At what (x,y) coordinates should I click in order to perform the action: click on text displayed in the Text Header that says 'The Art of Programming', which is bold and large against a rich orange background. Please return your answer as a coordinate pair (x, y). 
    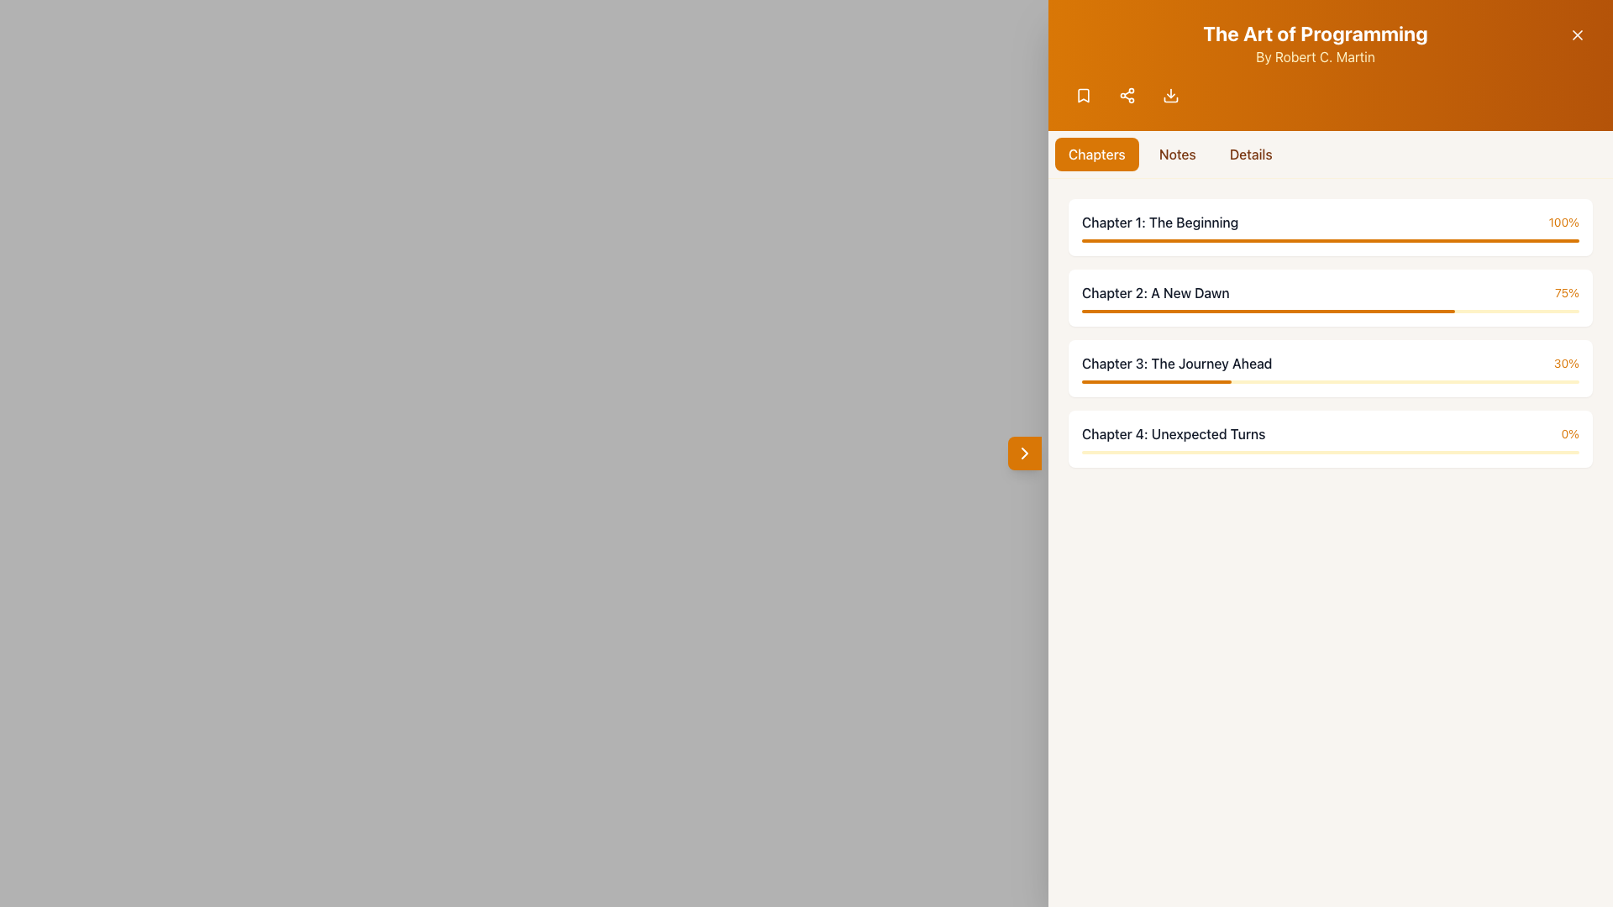
    Looking at the image, I should click on (1314, 33).